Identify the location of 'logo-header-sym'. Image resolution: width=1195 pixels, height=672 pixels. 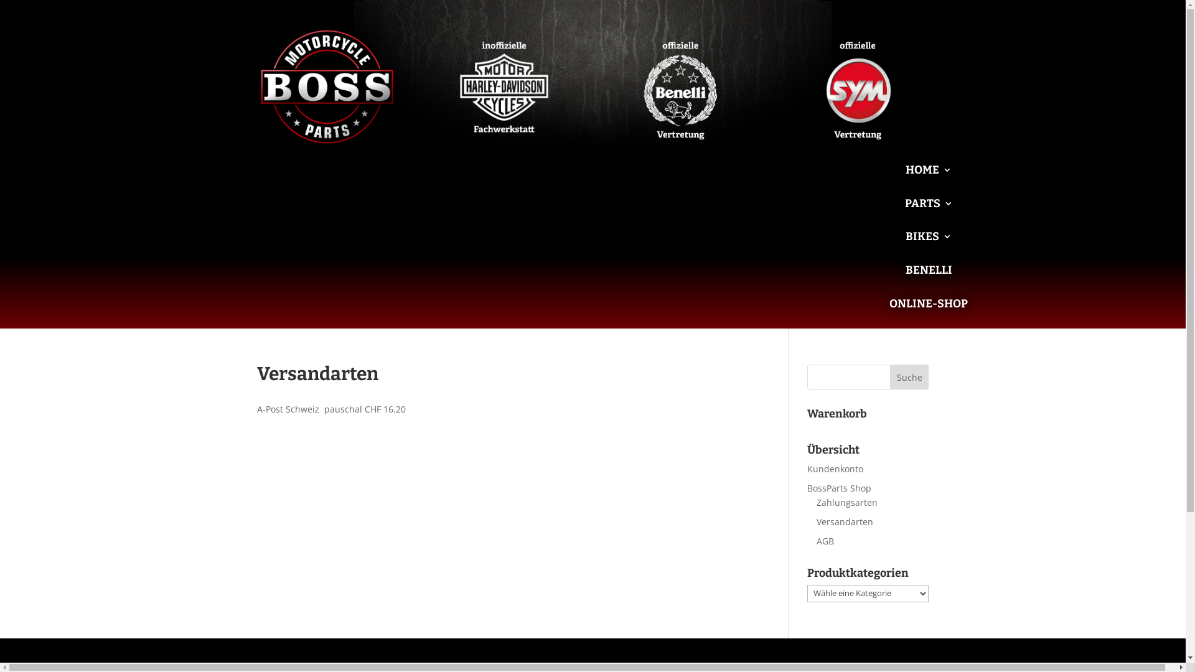
(858, 86).